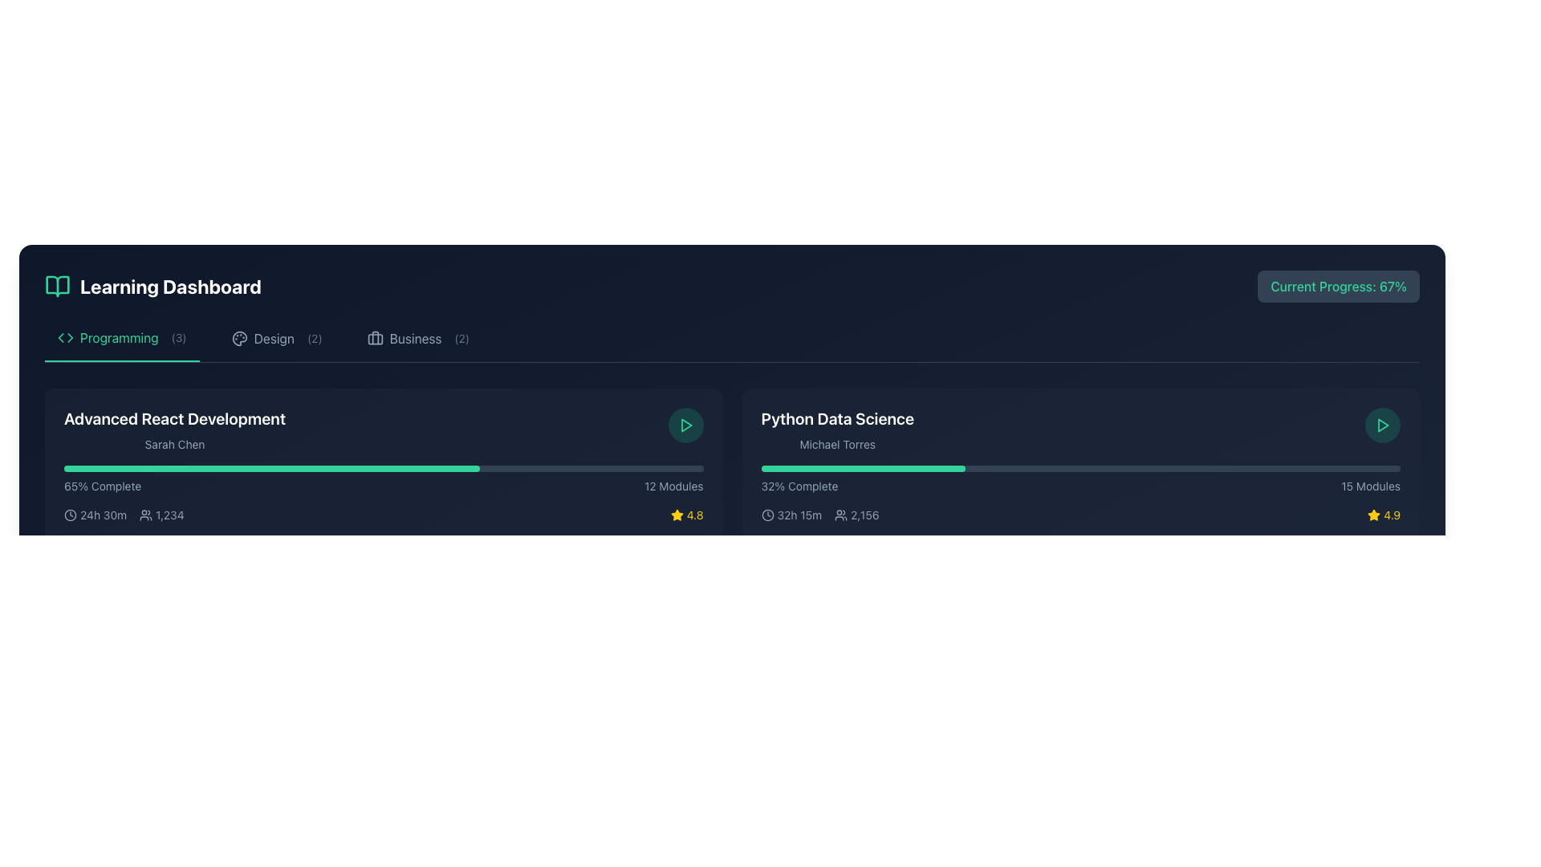 The height and width of the screenshot is (867, 1541). What do you see at coordinates (687, 515) in the screenshot?
I see `rating value displayed on the rating indicator, which consists of a yellow star icon and the numeric rating value 4.8, located at the bottom right corner of the 'Advanced React Development' card` at bounding box center [687, 515].